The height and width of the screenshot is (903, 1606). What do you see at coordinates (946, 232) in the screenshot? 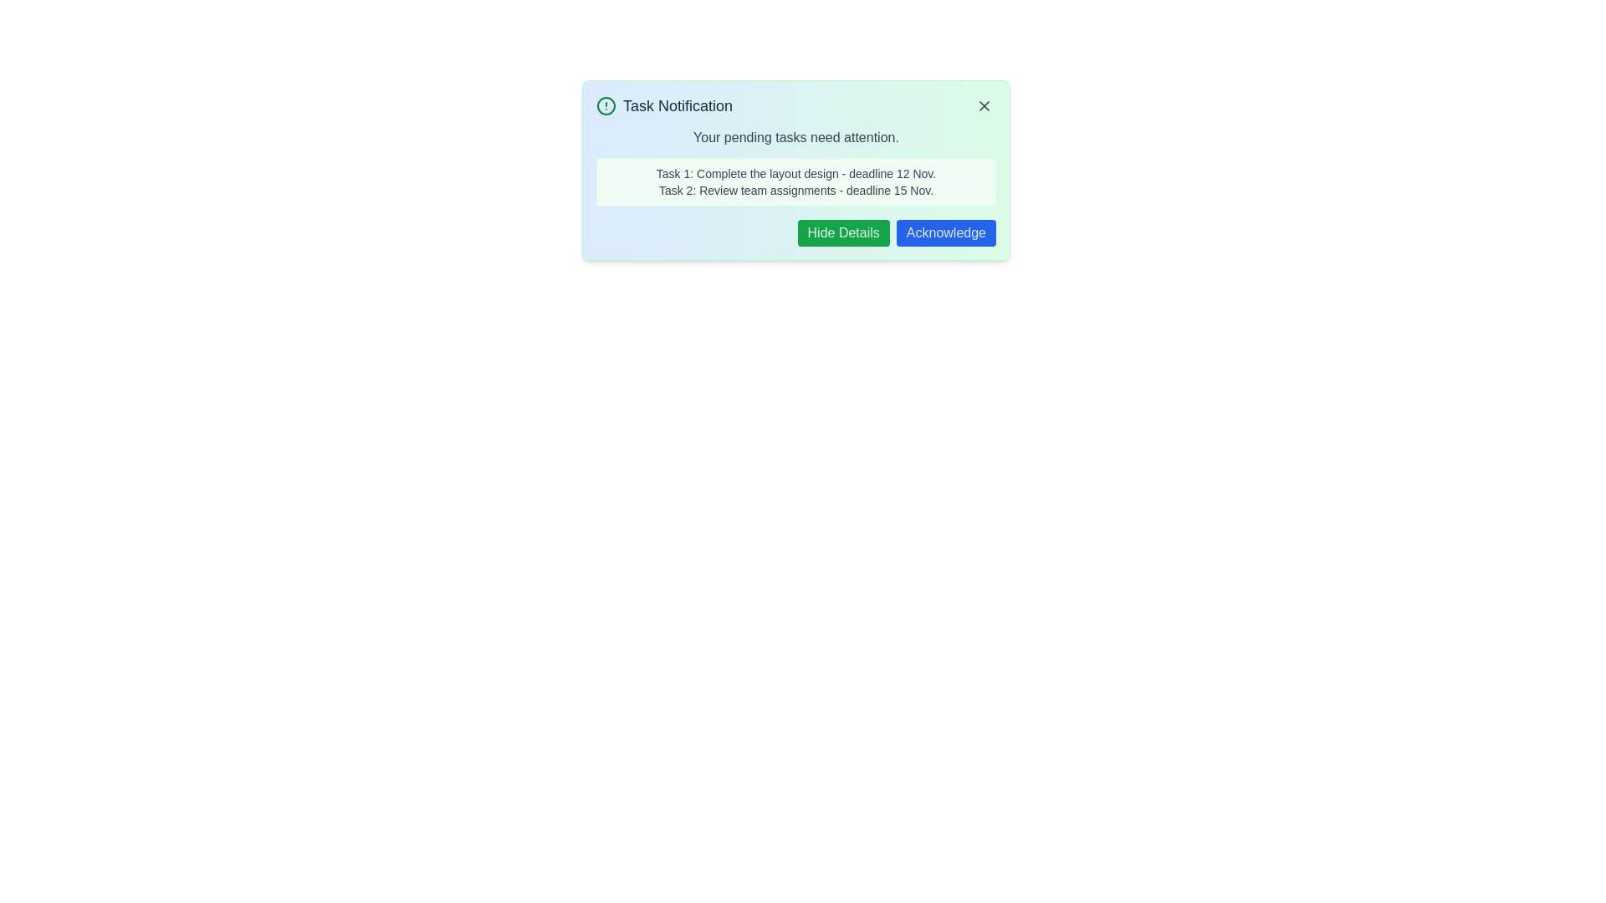
I see `the 'Acknowledge' button to acknowledge the notification` at bounding box center [946, 232].